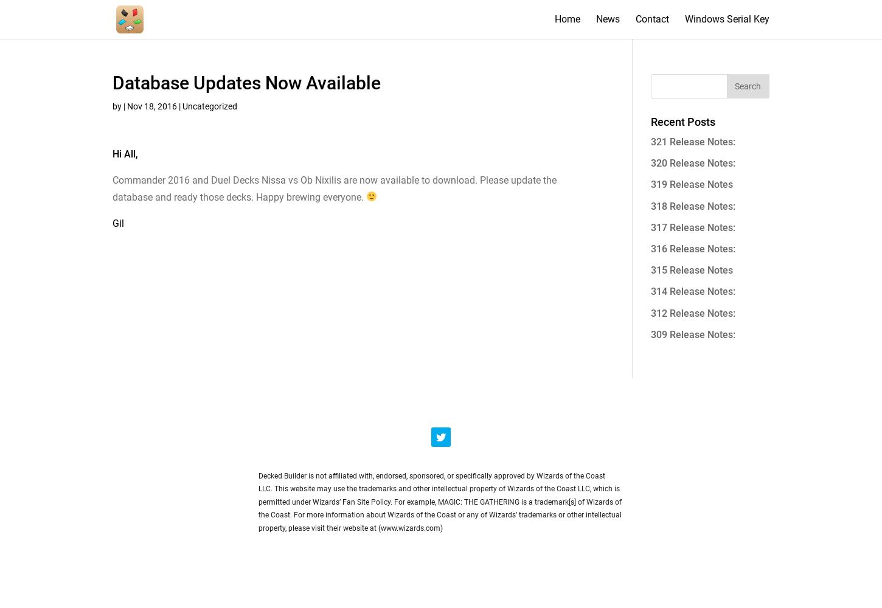  I want to click on 'Gil', so click(117, 222).